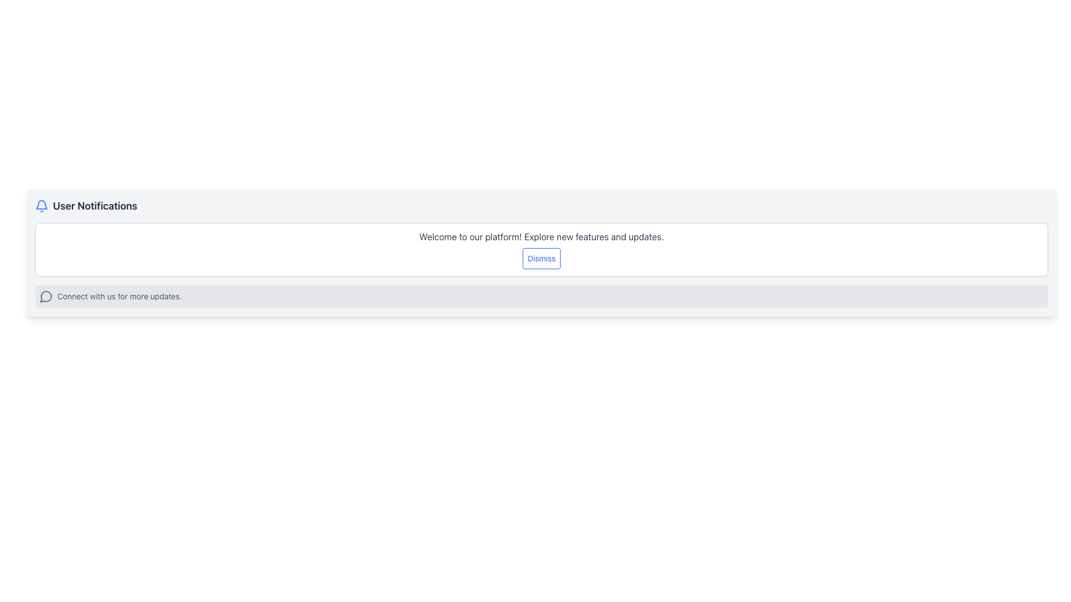 Image resolution: width=1071 pixels, height=602 pixels. What do you see at coordinates (119, 296) in the screenshot?
I see `the text label that states 'Connect with us for more updates.' which is styled in a small gray font and positioned as the rightmost element in a horizontally-arranged group next to the message icon` at bounding box center [119, 296].